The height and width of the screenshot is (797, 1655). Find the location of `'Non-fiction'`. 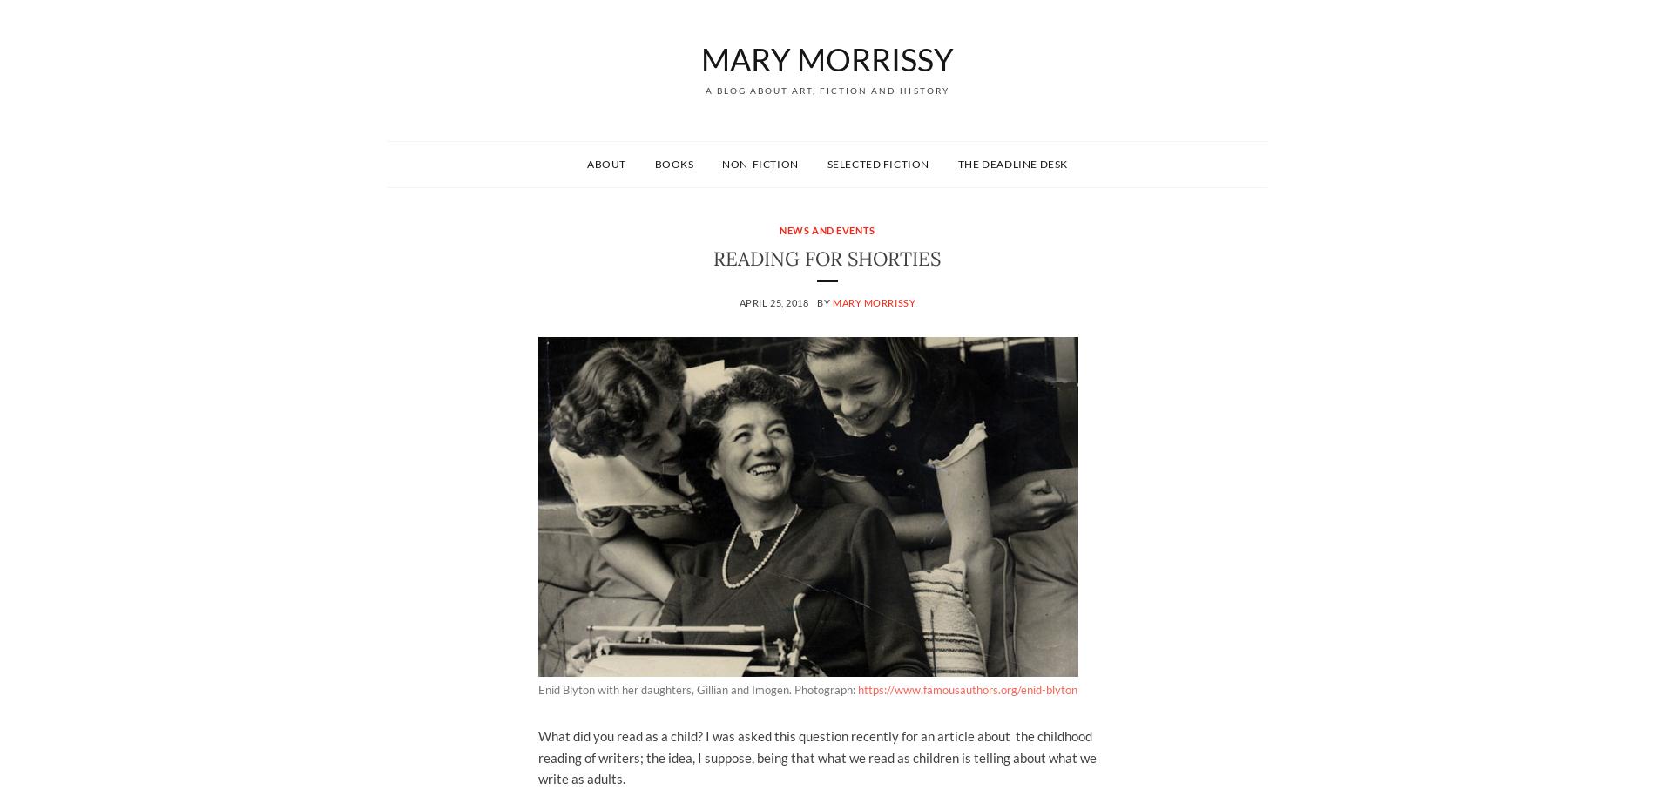

'Non-fiction' is located at coordinates (720, 163).